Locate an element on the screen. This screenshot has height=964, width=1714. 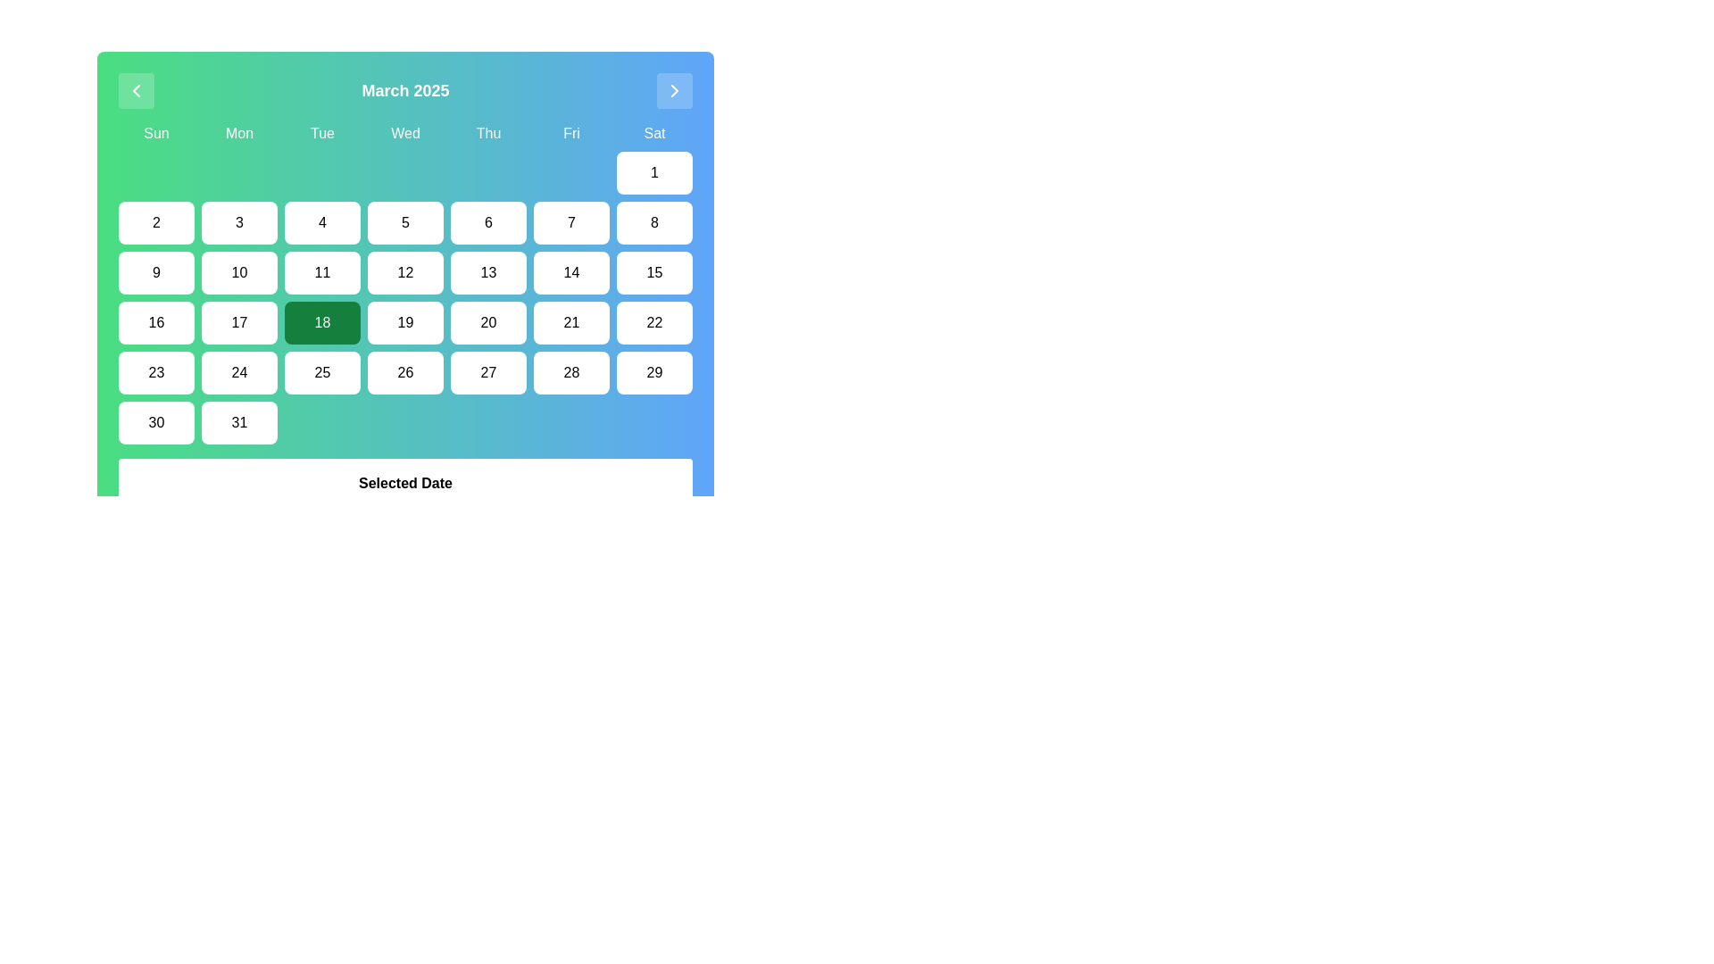
the Interactive calendar day cell displaying the numeral '1' in the far right column under the header 'Sat' is located at coordinates (653, 172).